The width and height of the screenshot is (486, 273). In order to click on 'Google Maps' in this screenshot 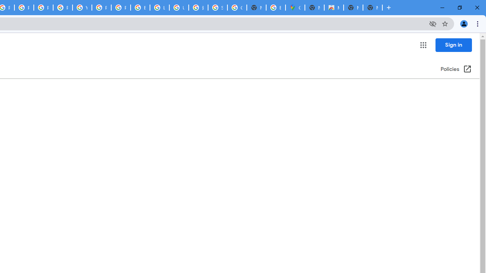, I will do `click(294, 8)`.